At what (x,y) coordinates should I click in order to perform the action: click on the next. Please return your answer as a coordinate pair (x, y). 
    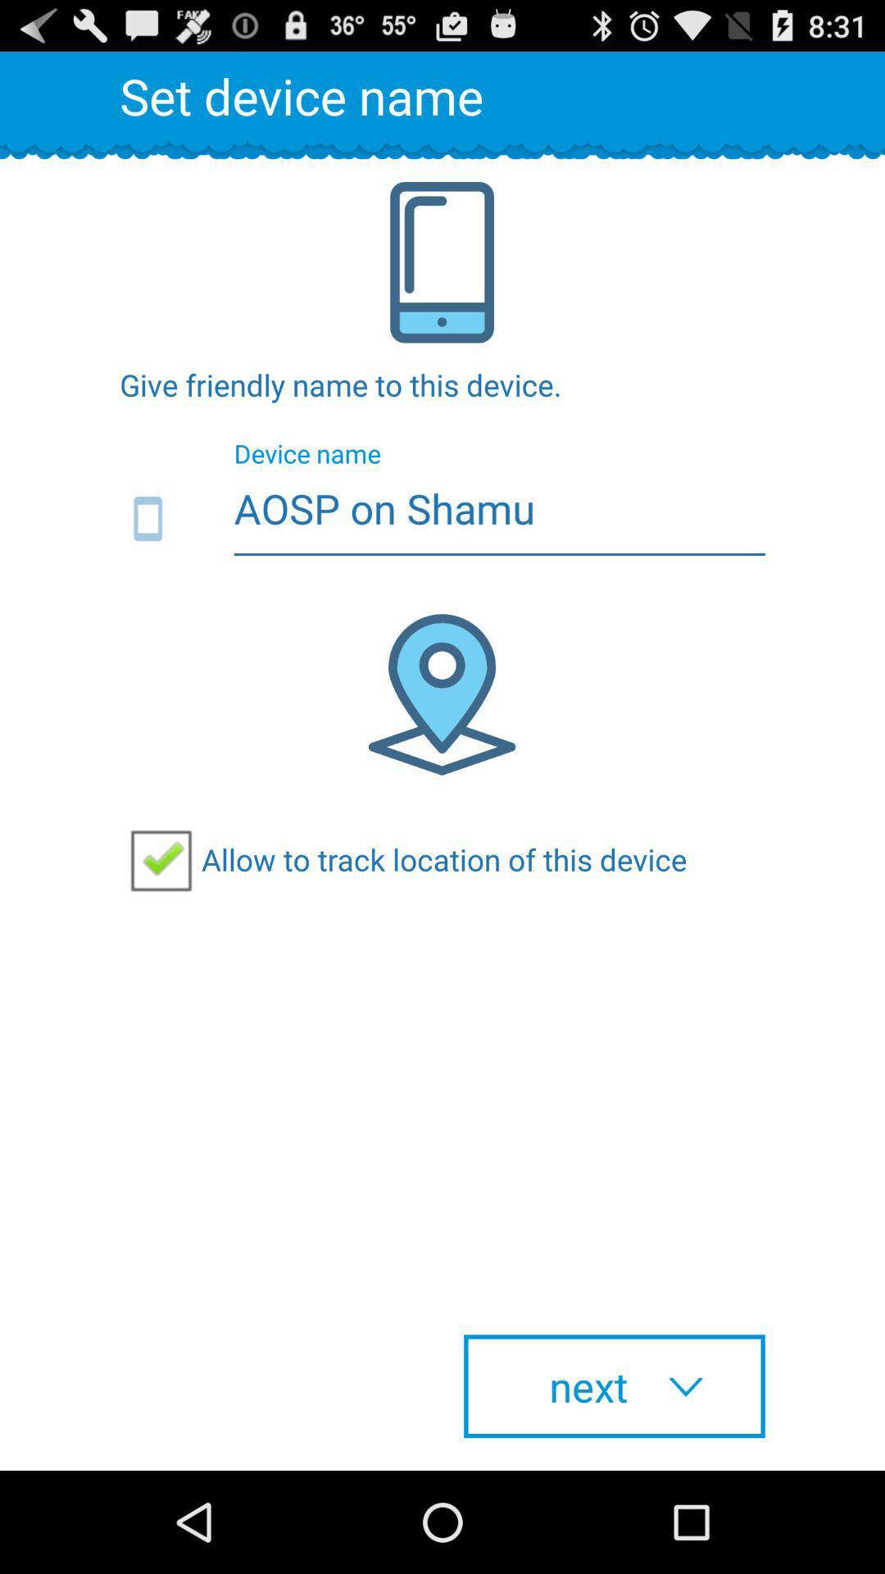
    Looking at the image, I should click on (614, 1385).